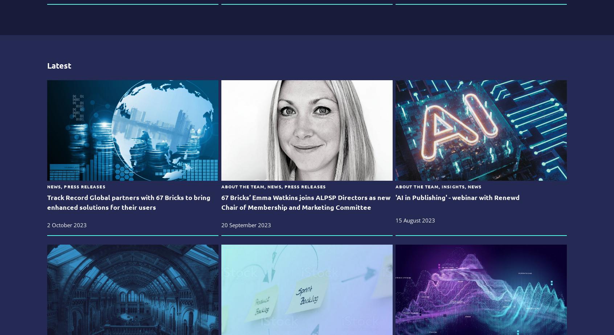 Image resolution: width=614 pixels, height=335 pixels. What do you see at coordinates (128, 201) in the screenshot?
I see `'Track Record Global partners with 67 Bricks to bring enhanced solutions for their users'` at bounding box center [128, 201].